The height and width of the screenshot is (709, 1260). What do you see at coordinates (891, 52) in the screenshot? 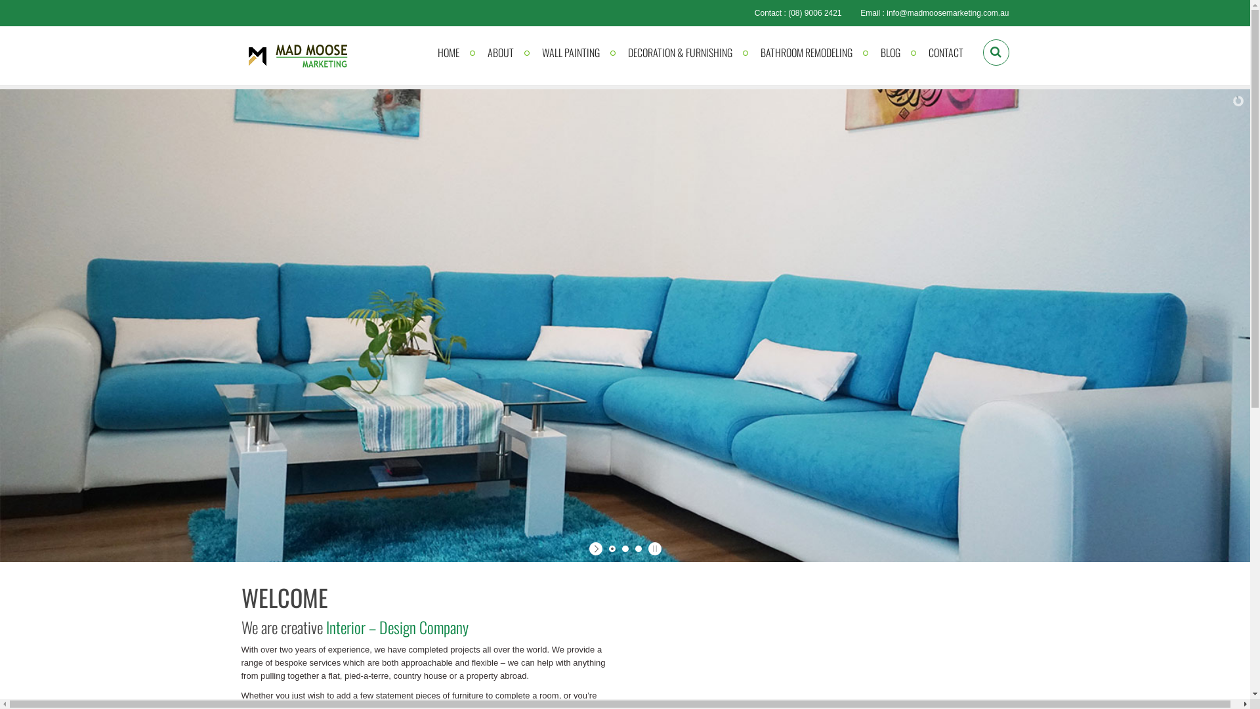
I see `'BLOG'` at bounding box center [891, 52].